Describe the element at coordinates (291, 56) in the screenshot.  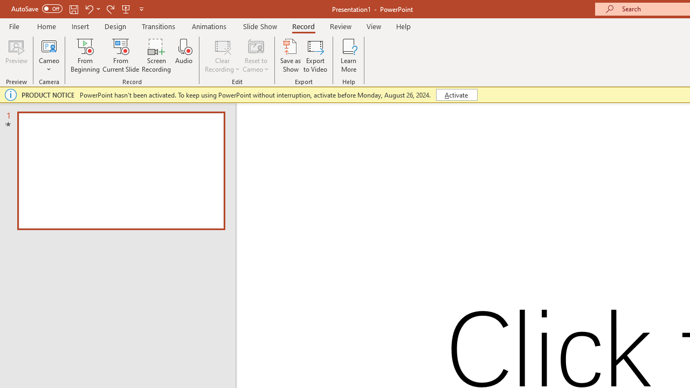
I see `'Save as Show'` at that location.